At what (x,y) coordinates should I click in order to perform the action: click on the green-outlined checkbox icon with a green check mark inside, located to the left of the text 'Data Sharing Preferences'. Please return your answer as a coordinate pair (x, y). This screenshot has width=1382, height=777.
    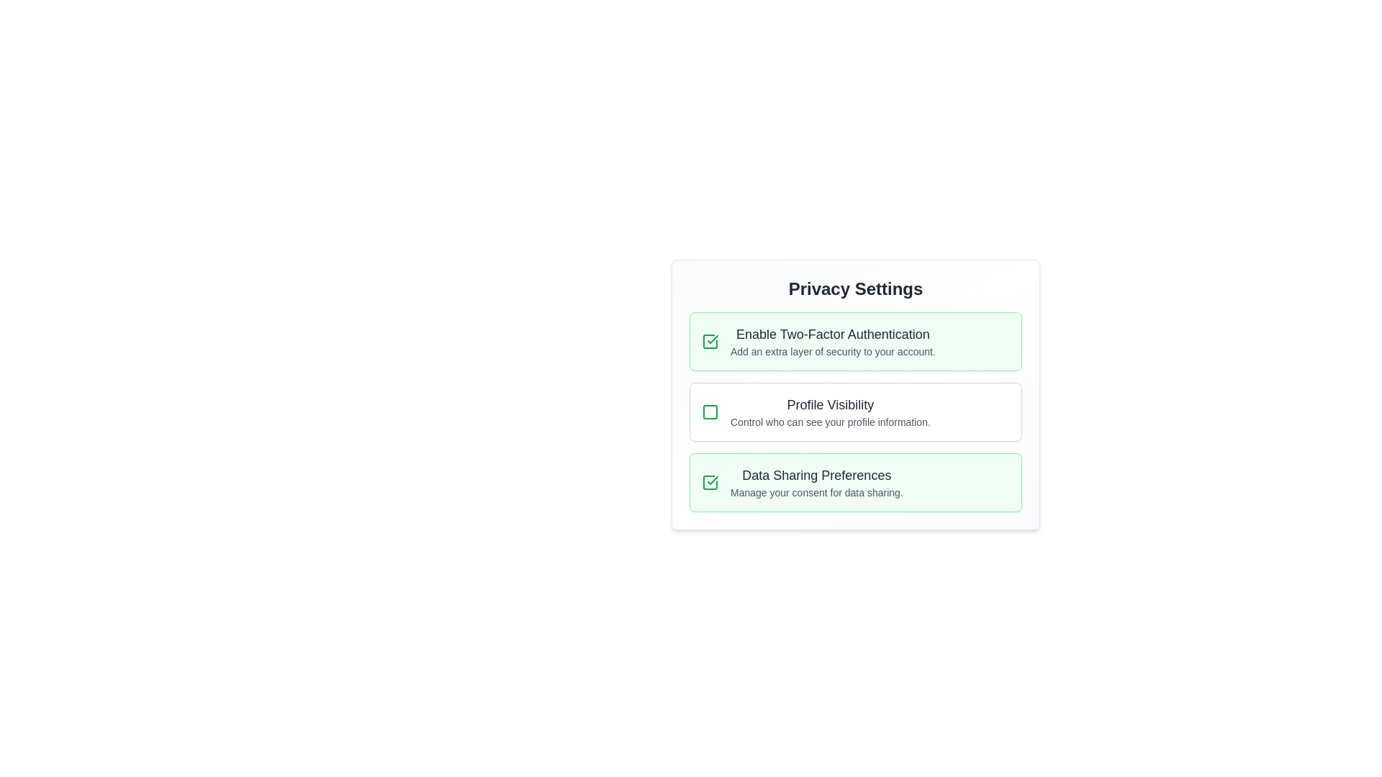
    Looking at the image, I should click on (710, 483).